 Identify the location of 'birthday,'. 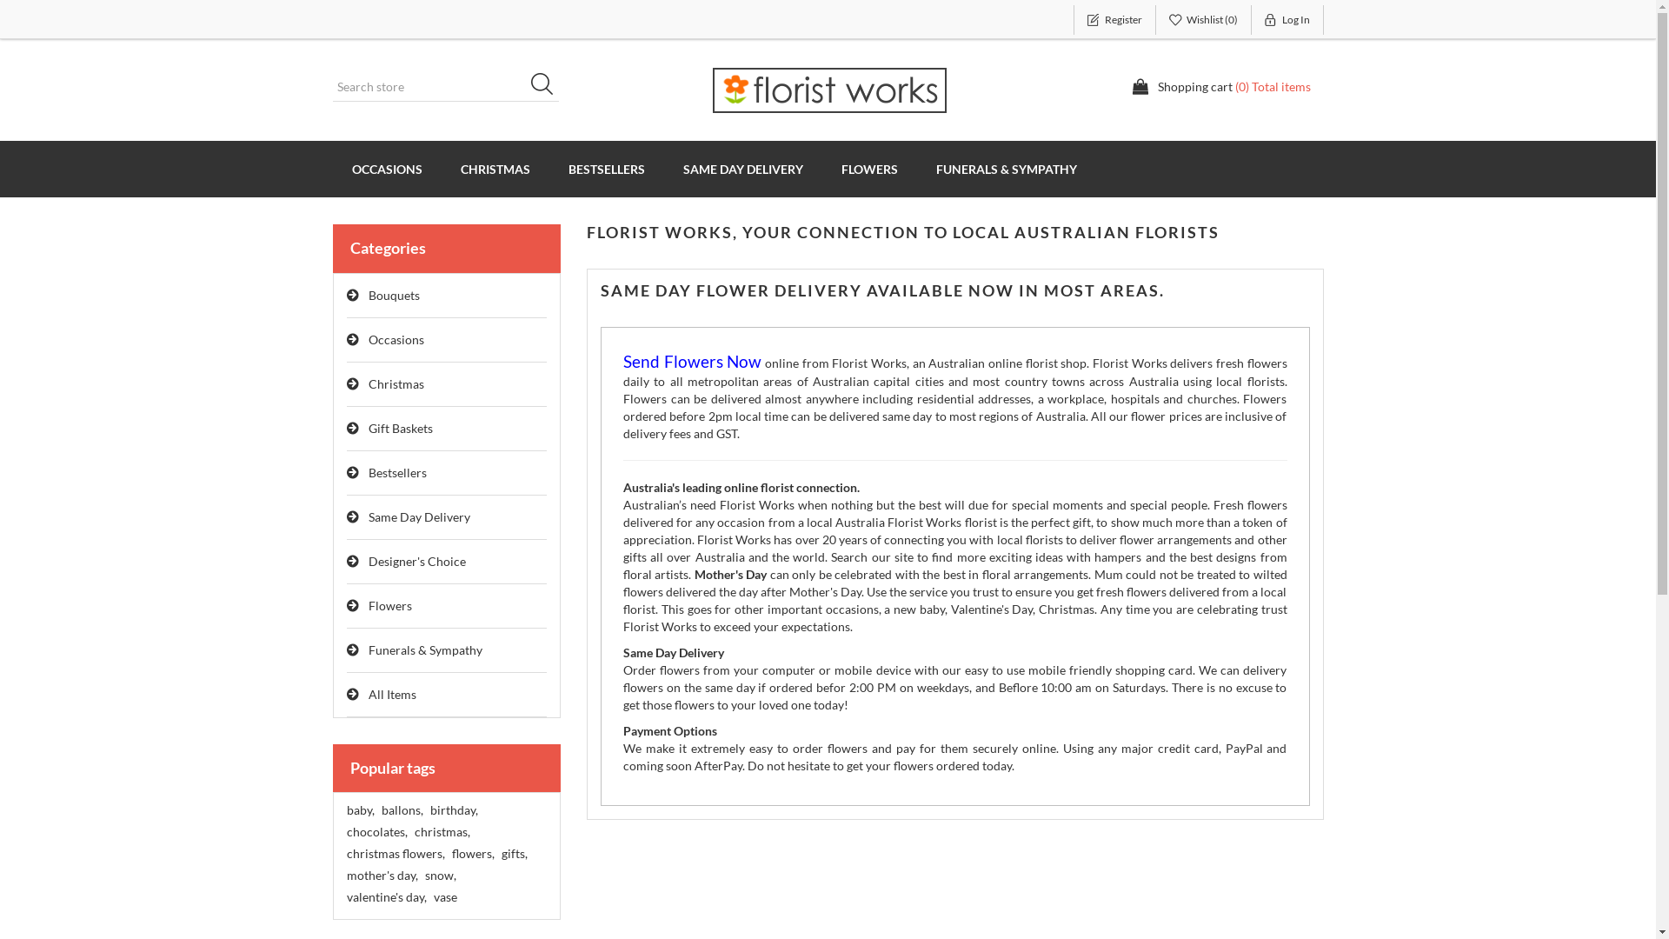
(429, 810).